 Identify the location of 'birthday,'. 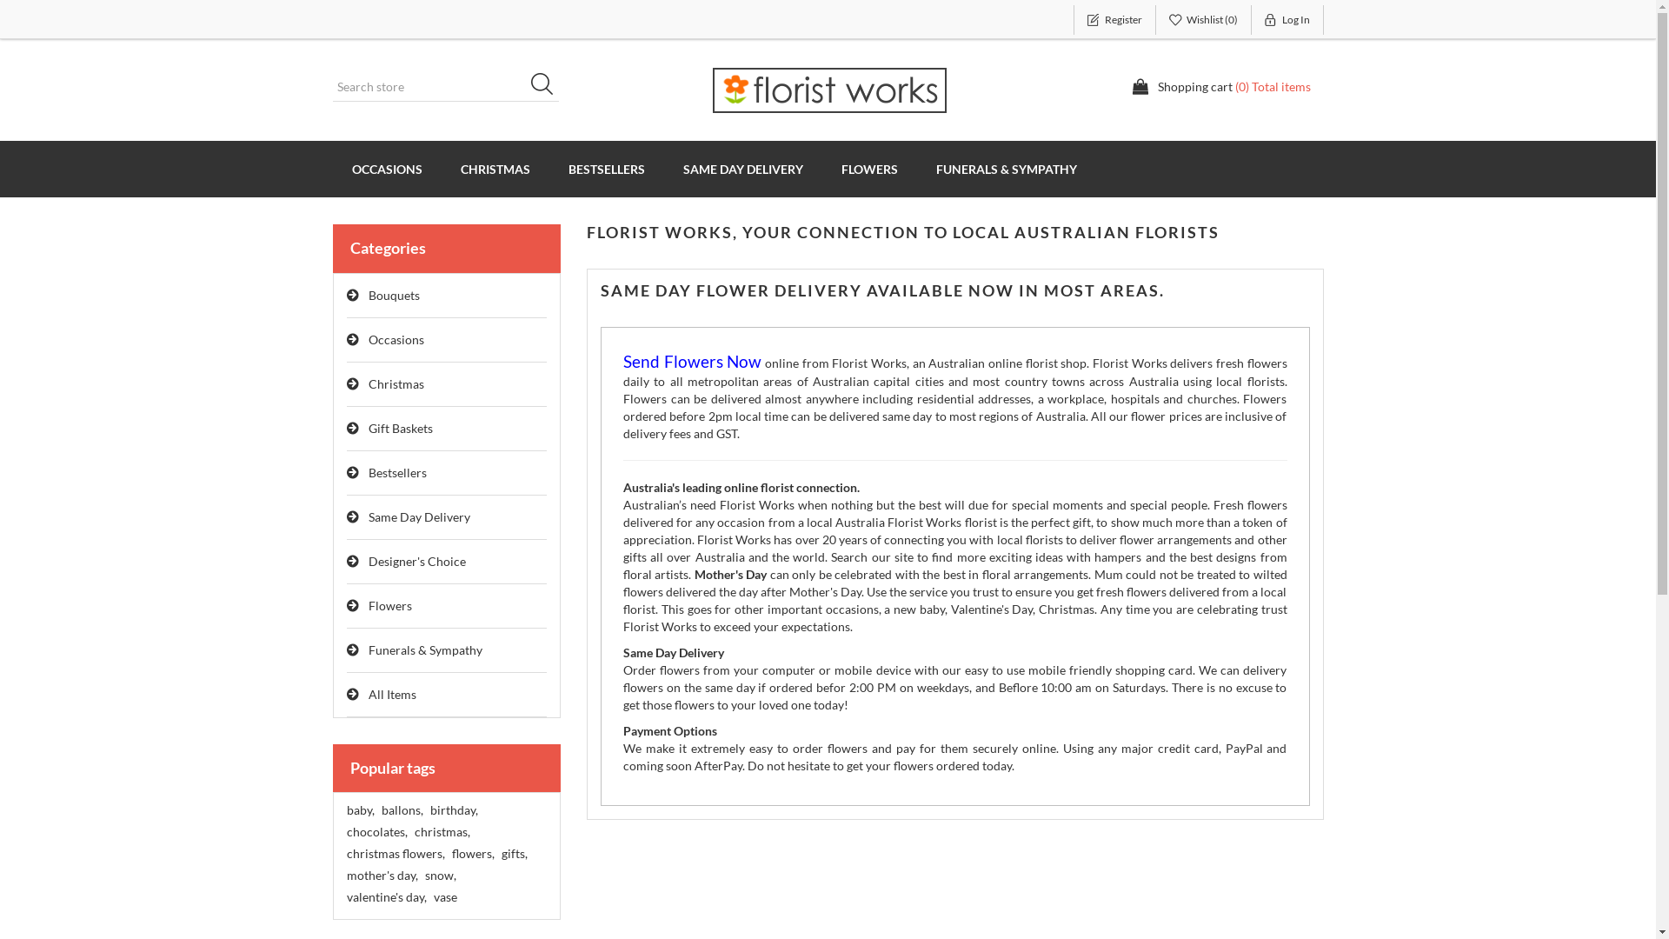
(429, 810).